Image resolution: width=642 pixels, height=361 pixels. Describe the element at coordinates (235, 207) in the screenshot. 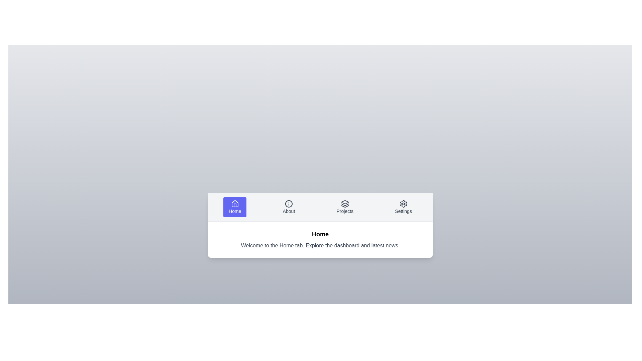

I see `the Home tab by clicking on its label or icon` at that location.